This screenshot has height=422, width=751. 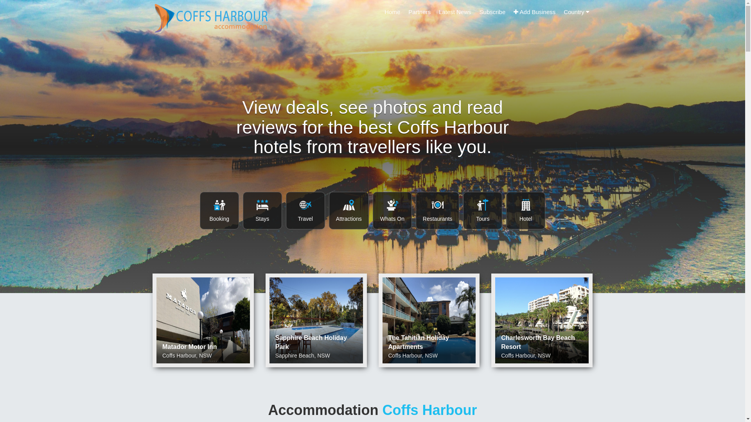 What do you see at coordinates (349, 210) in the screenshot?
I see `'Attractions Accommodation Coffs Harbour'` at bounding box center [349, 210].